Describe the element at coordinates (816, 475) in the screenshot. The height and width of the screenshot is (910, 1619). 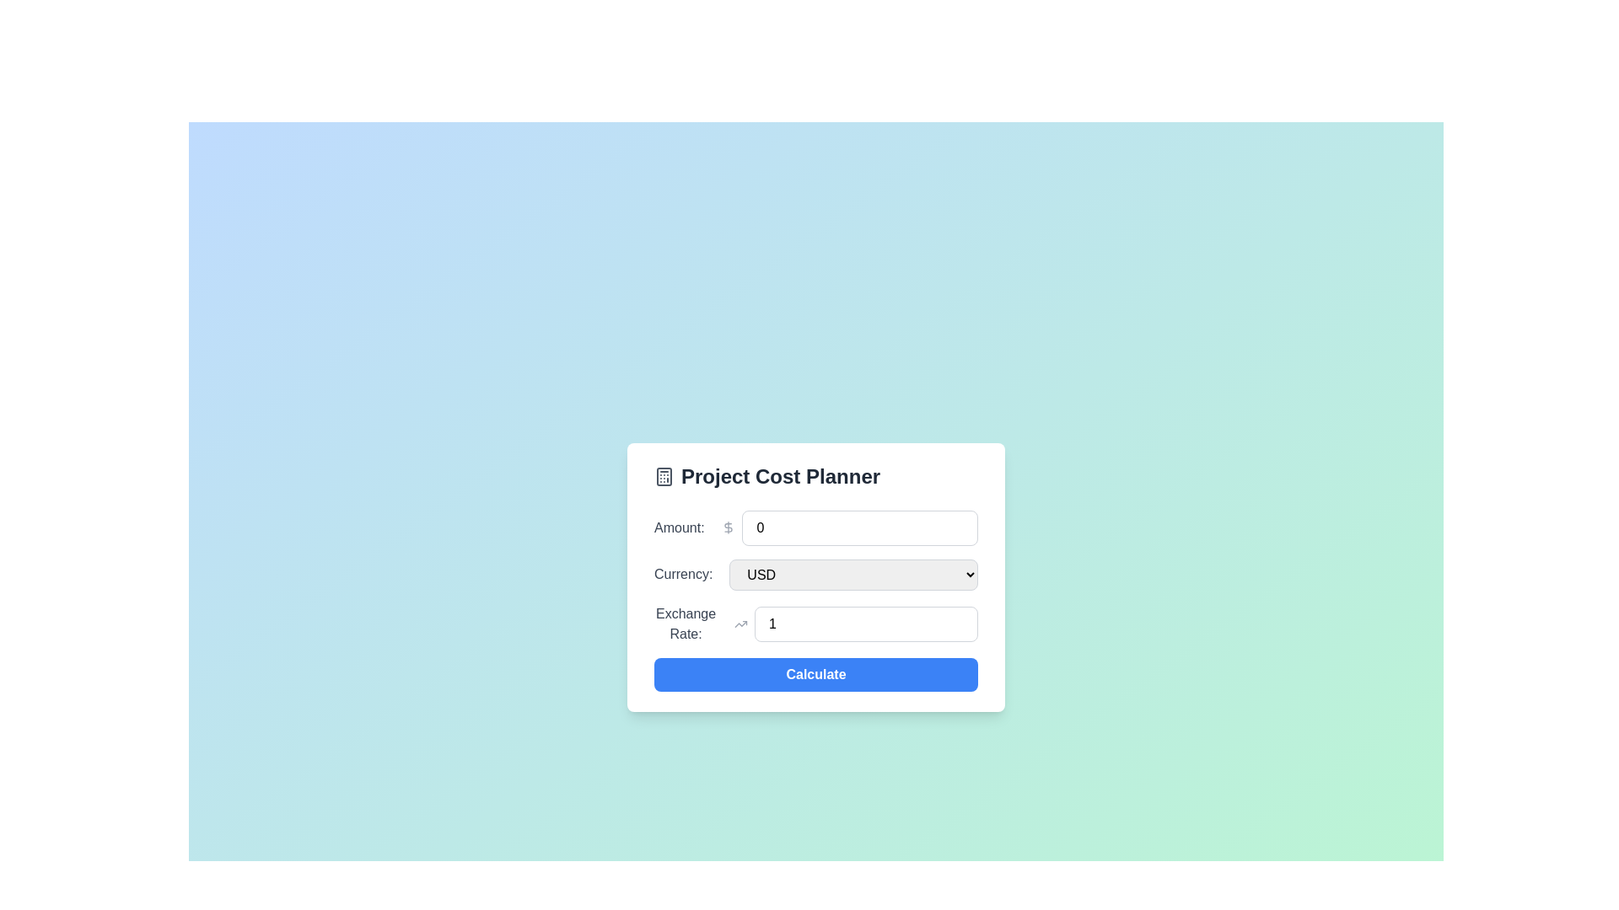
I see `the heading 'Project Cost Planner' which is styled with a bold font and accompanied by a calculator icon, located at the top of the modal window` at that location.